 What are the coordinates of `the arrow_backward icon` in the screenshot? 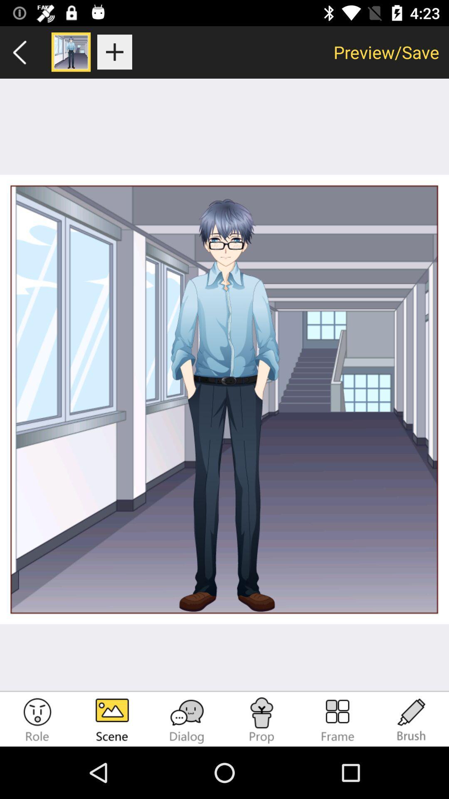 It's located at (20, 52).